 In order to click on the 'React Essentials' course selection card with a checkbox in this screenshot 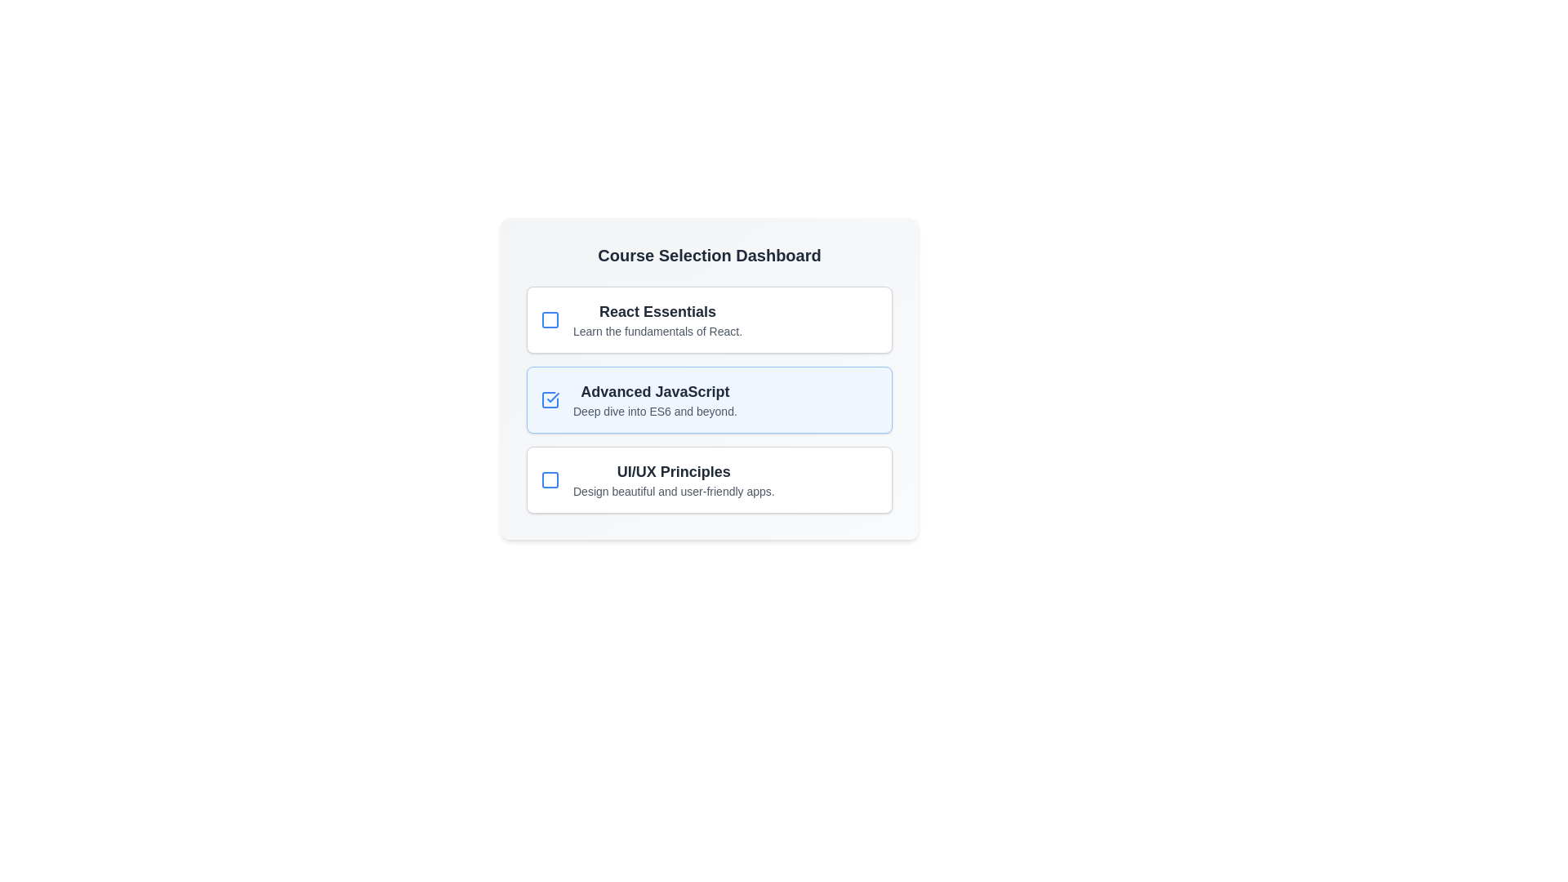, I will do `click(709, 320)`.